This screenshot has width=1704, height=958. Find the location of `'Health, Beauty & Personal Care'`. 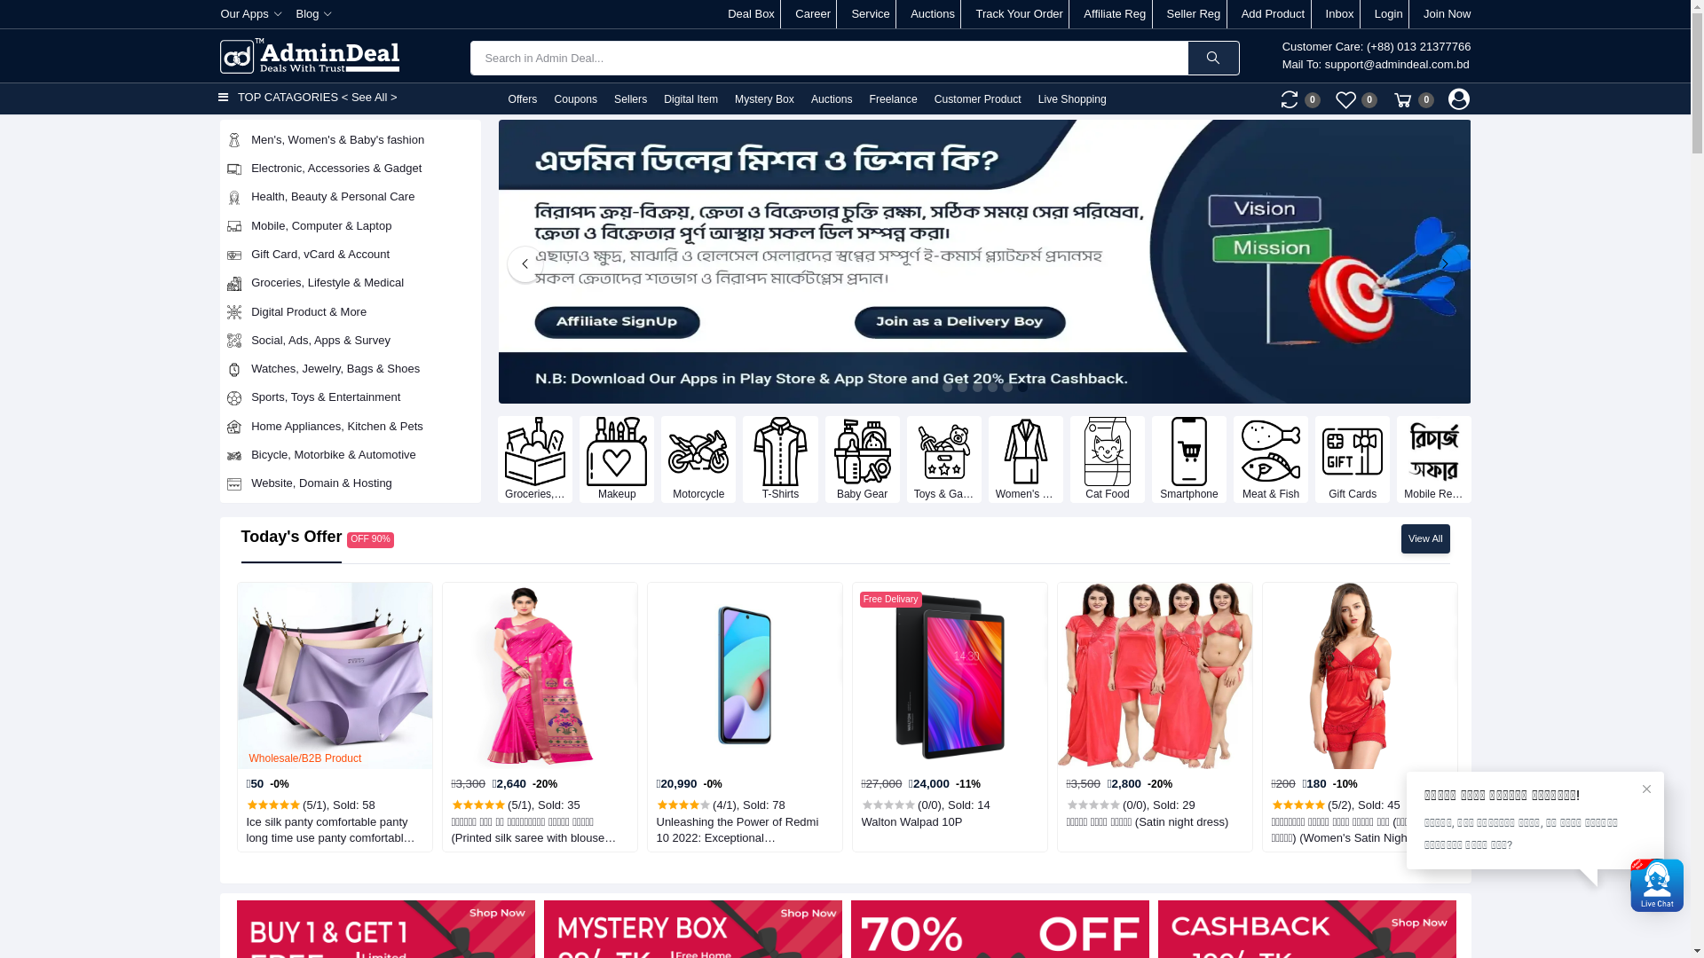

'Health, Beauty & Personal Care' is located at coordinates (351, 197).